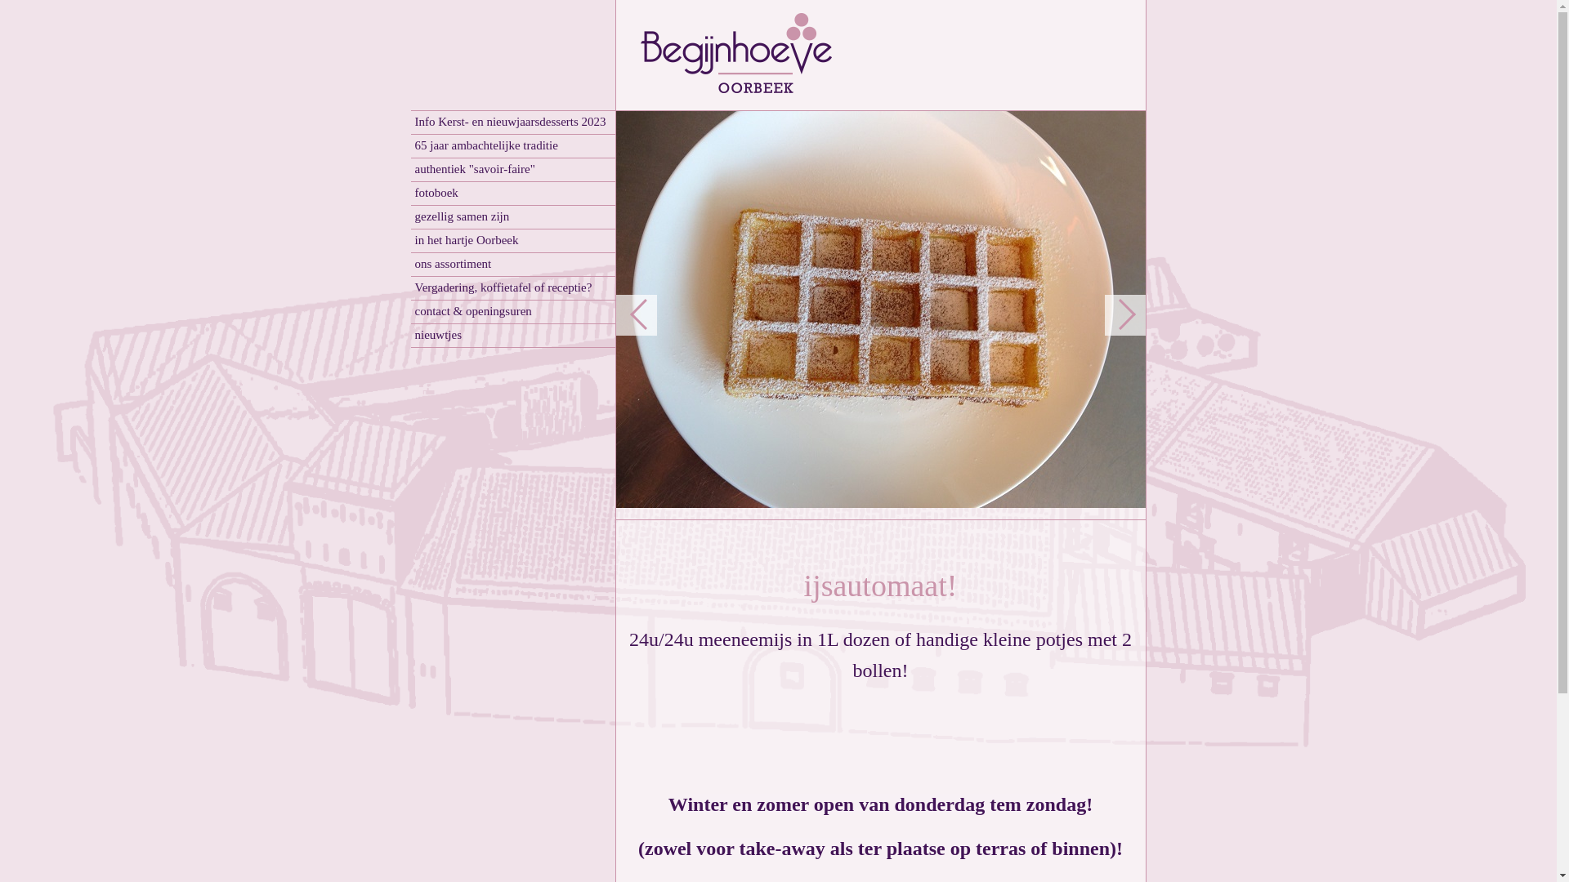  I want to click on 'Vergadering, koffietafel of receptie?', so click(512, 287).